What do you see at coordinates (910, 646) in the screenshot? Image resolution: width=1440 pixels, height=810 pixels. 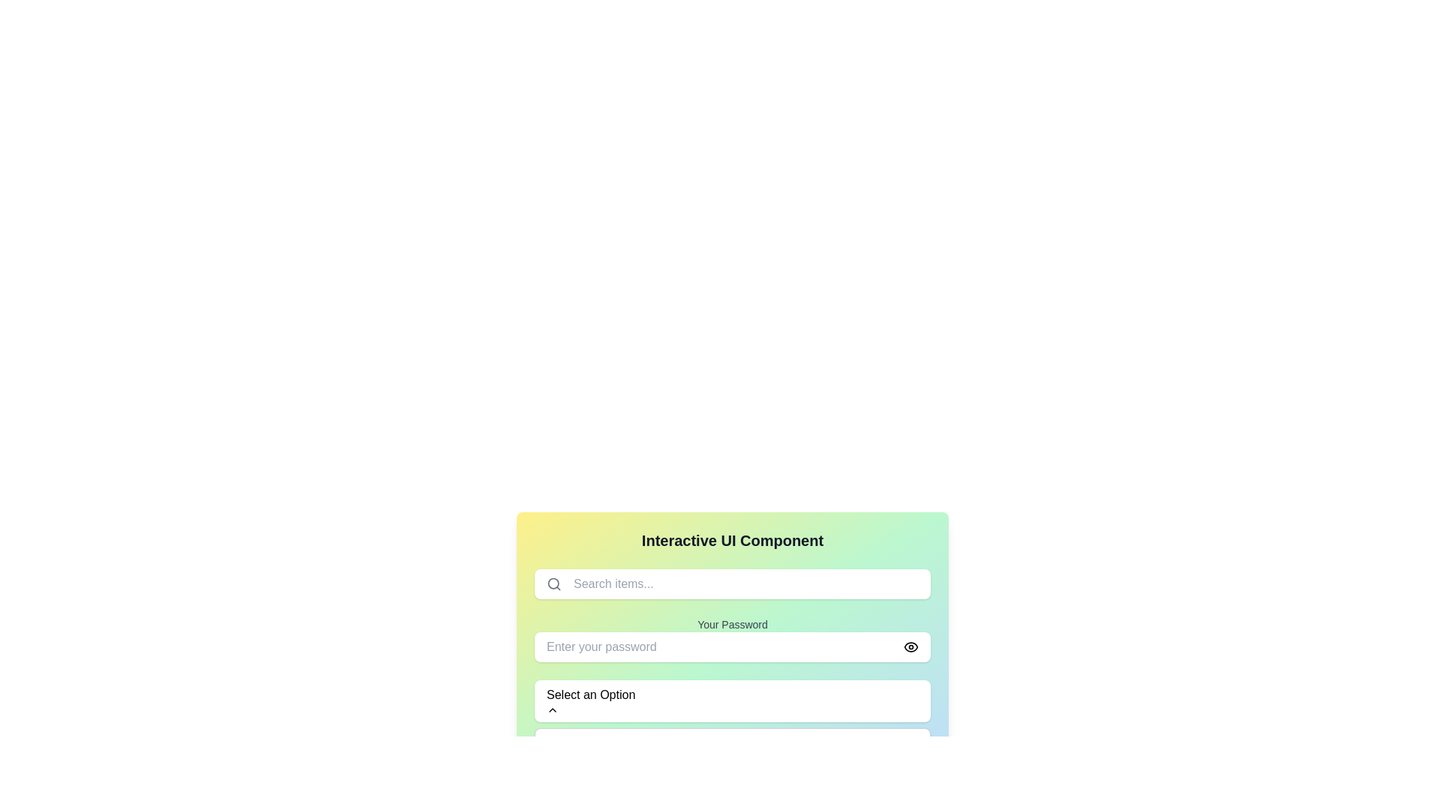 I see `the eye-shaped toggle button for password visibility located at the far right of the 'Enter your password' input field` at bounding box center [910, 646].